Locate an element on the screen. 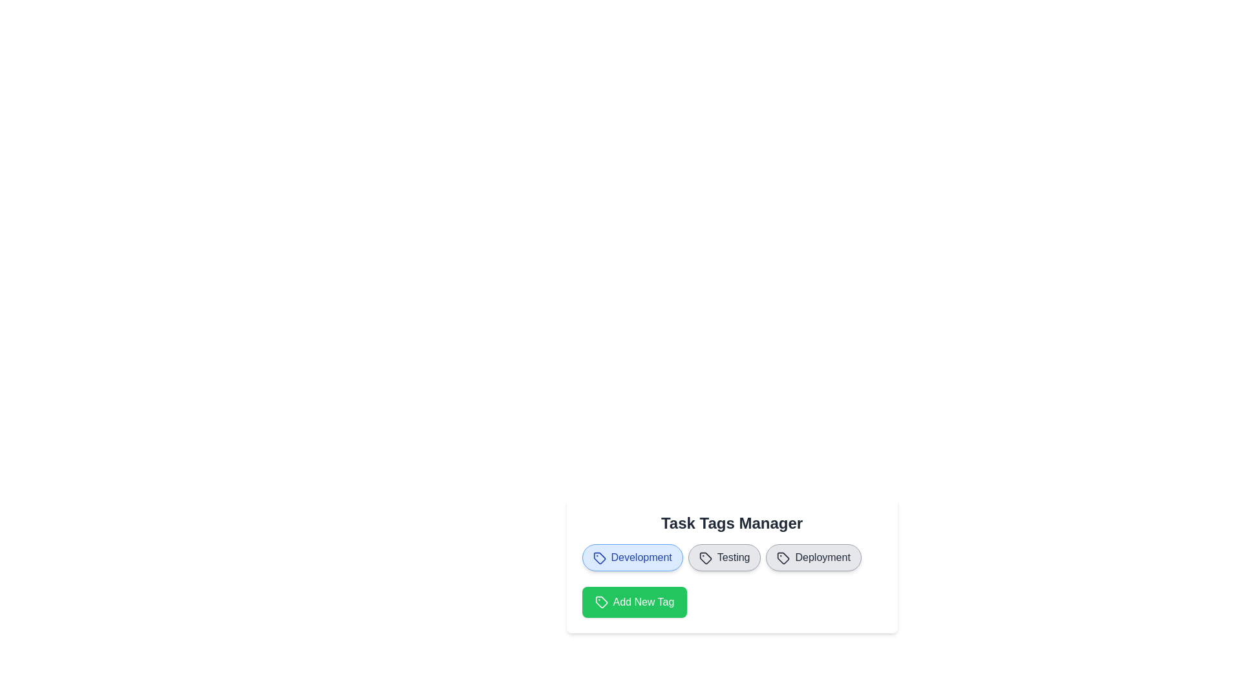 This screenshot has width=1241, height=698. the icon representing the tag or label for 'Development', which is the leftmost element inside the blue labeled button is located at coordinates (599, 557).